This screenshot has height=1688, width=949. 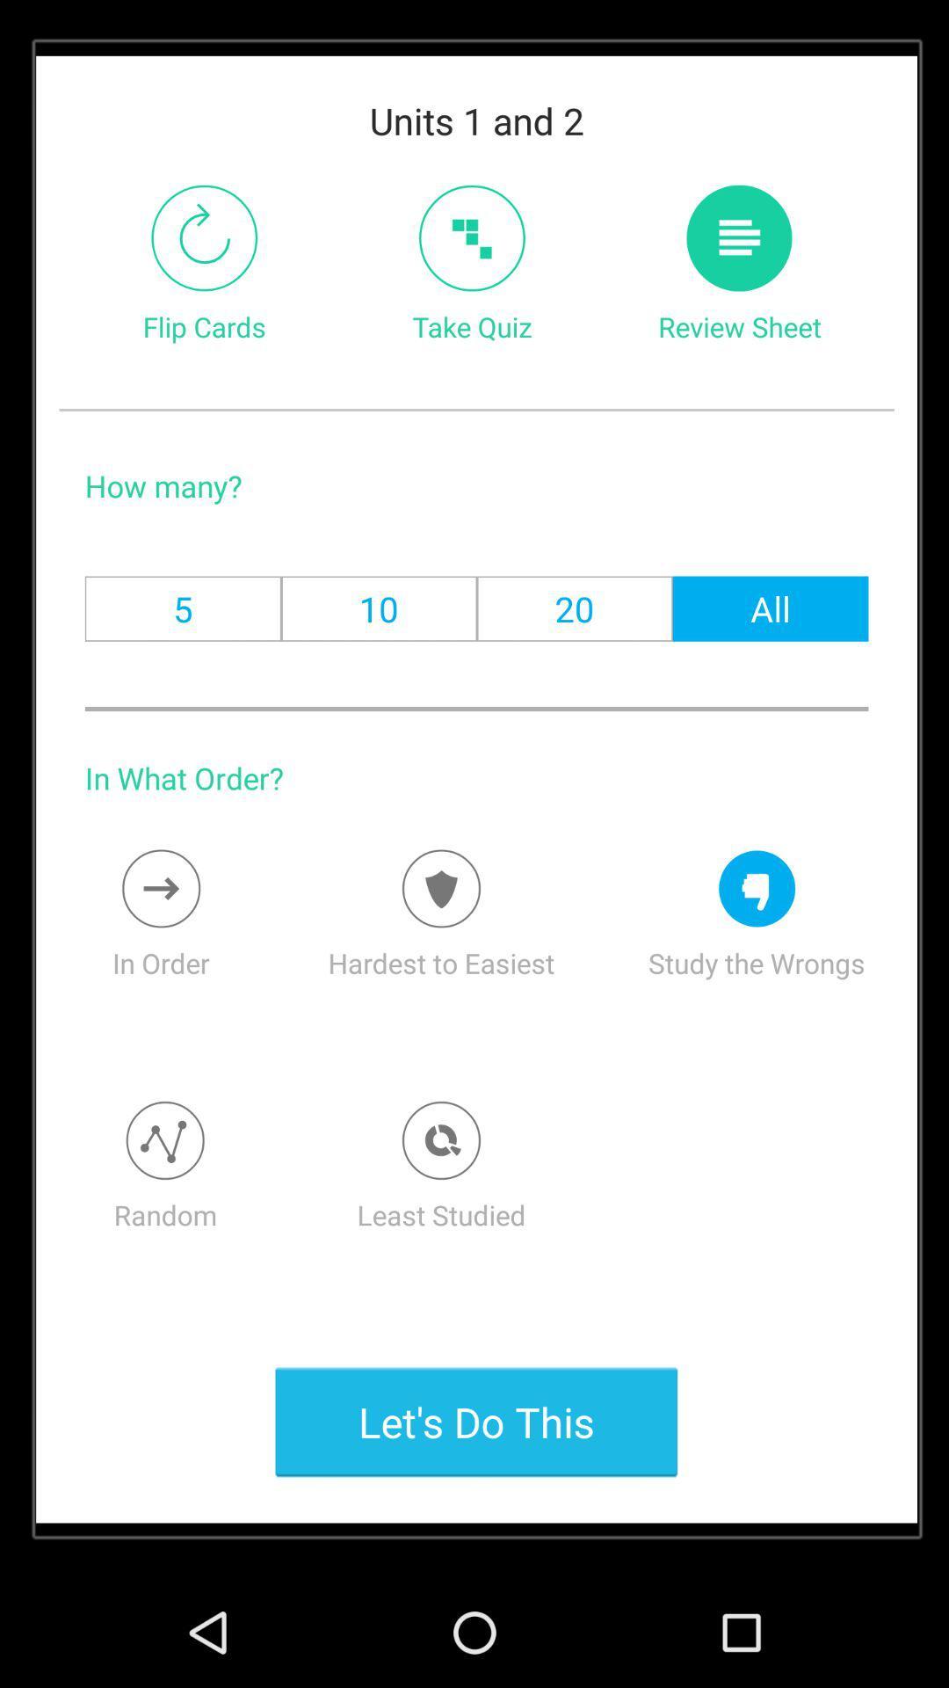 What do you see at coordinates (165, 1140) in the screenshot?
I see `picks a random card` at bounding box center [165, 1140].